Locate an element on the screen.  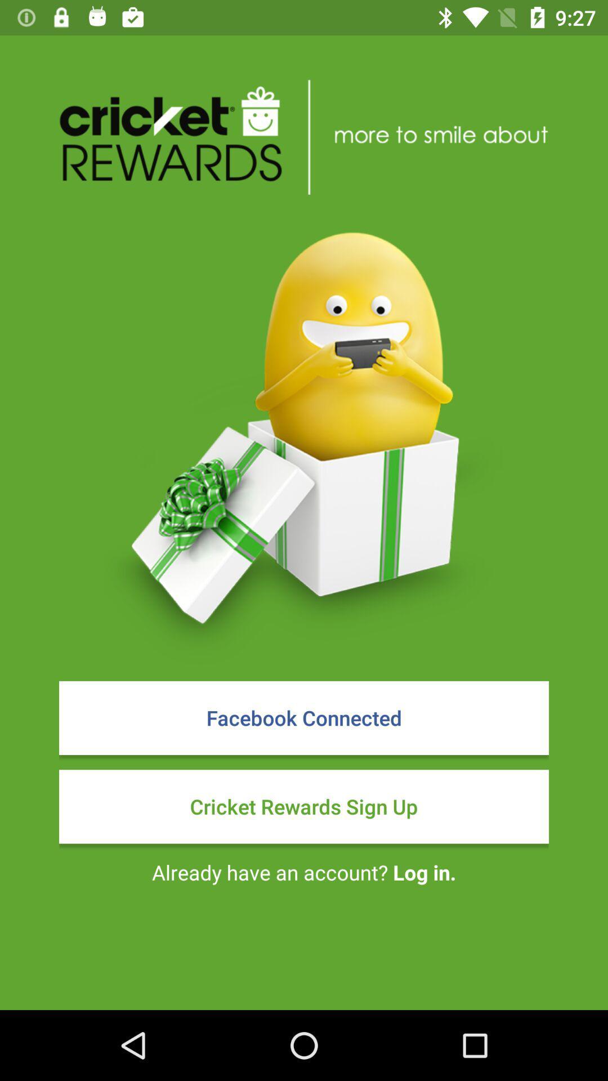
facebook connected item is located at coordinates (304, 717).